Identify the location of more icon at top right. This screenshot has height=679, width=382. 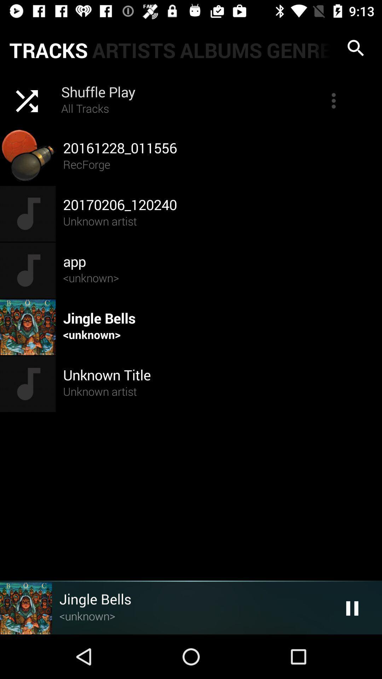
(334, 100).